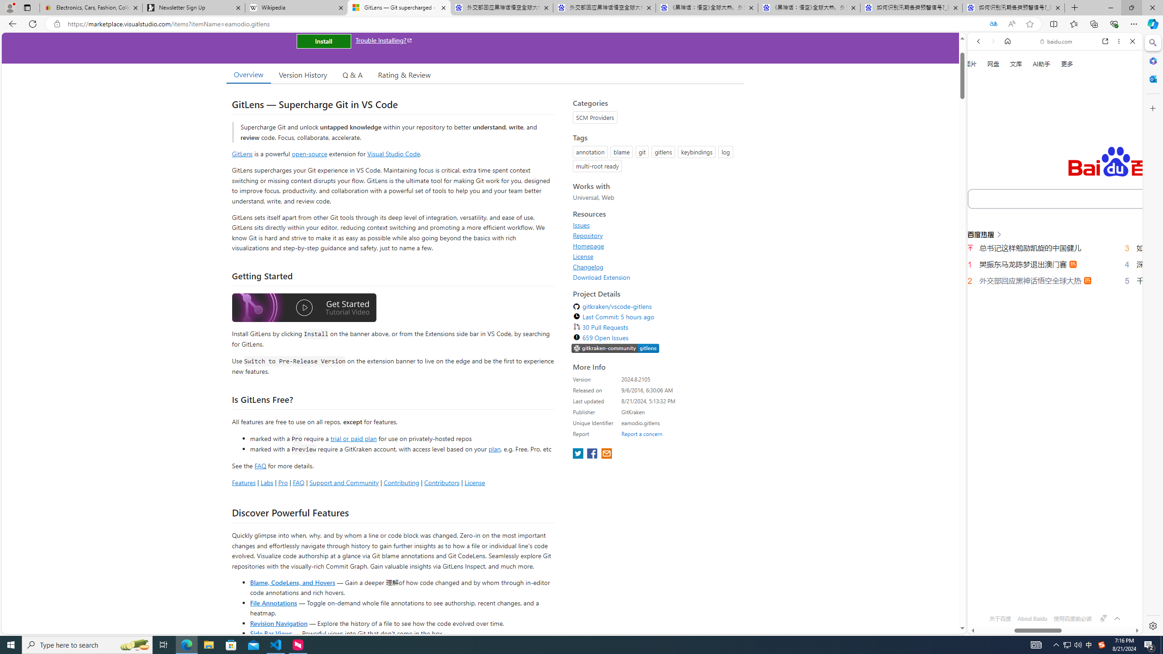  I want to click on 'Forward', so click(992, 40).